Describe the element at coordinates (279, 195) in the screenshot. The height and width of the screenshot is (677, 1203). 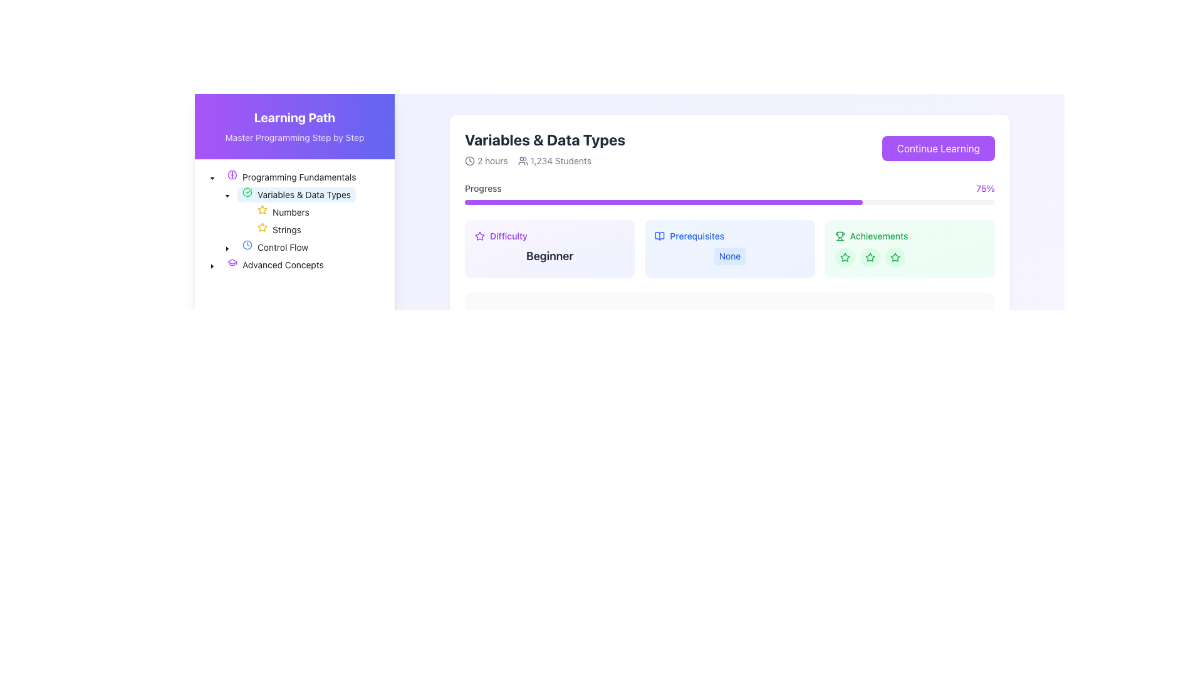
I see `the 'Variables & Data Types' item in the tree view located under the 'Programming Fundamentals' category` at that location.